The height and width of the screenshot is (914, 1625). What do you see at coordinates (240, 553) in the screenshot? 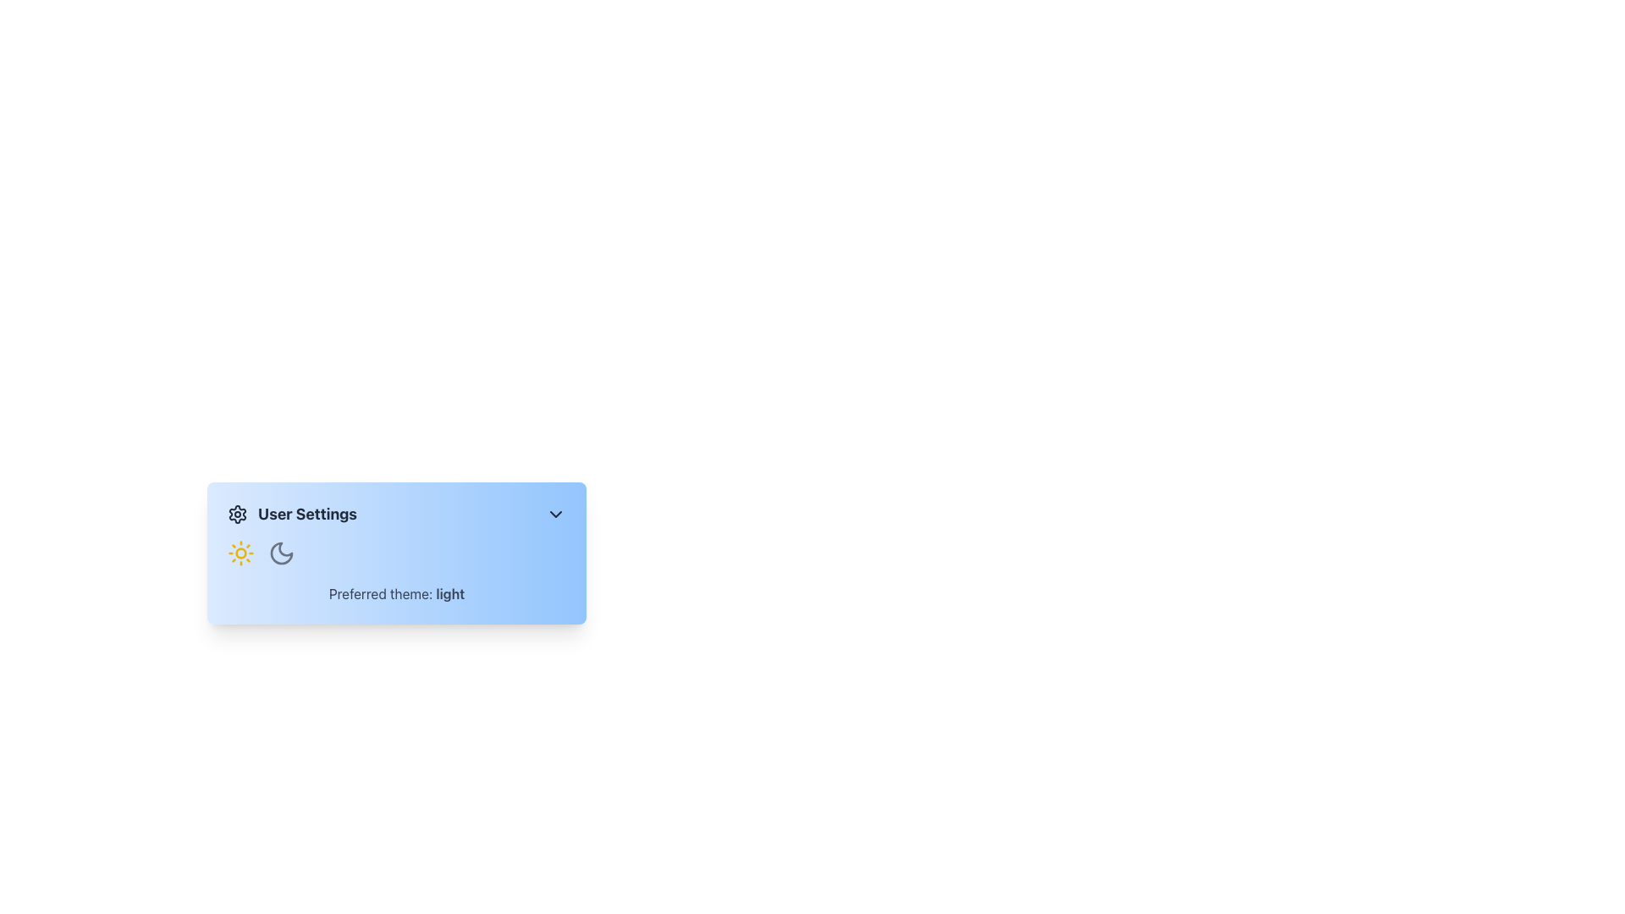
I see `the central SVG circle element of the sun icon` at bounding box center [240, 553].